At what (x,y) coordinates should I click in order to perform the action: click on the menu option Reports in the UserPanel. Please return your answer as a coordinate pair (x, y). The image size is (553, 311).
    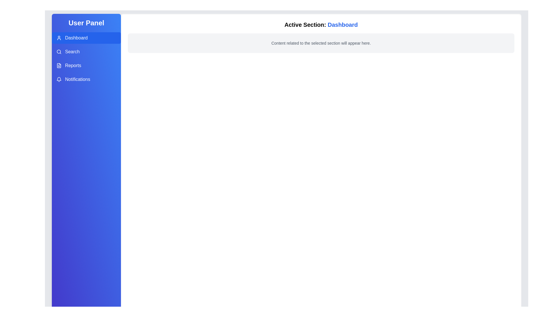
    Looking at the image, I should click on (86, 65).